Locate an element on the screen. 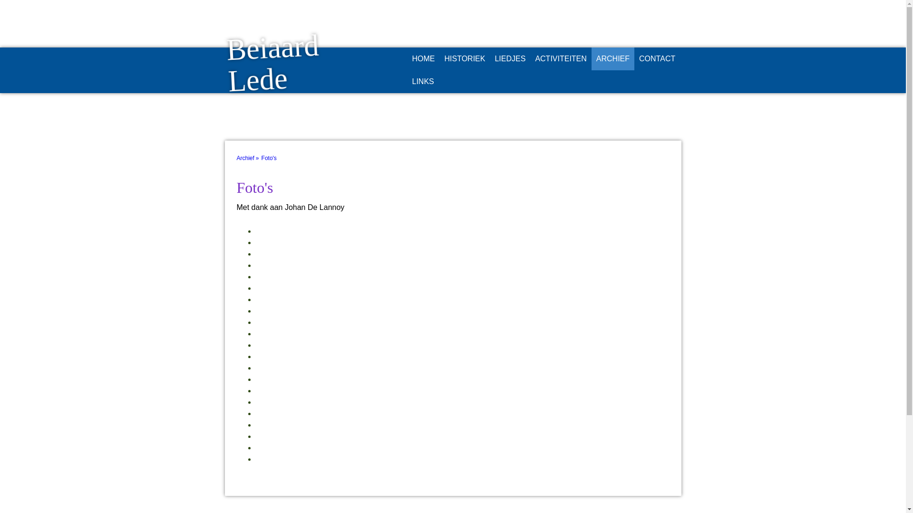 This screenshot has height=513, width=913. 'HISTORIEK' is located at coordinates (439, 58).